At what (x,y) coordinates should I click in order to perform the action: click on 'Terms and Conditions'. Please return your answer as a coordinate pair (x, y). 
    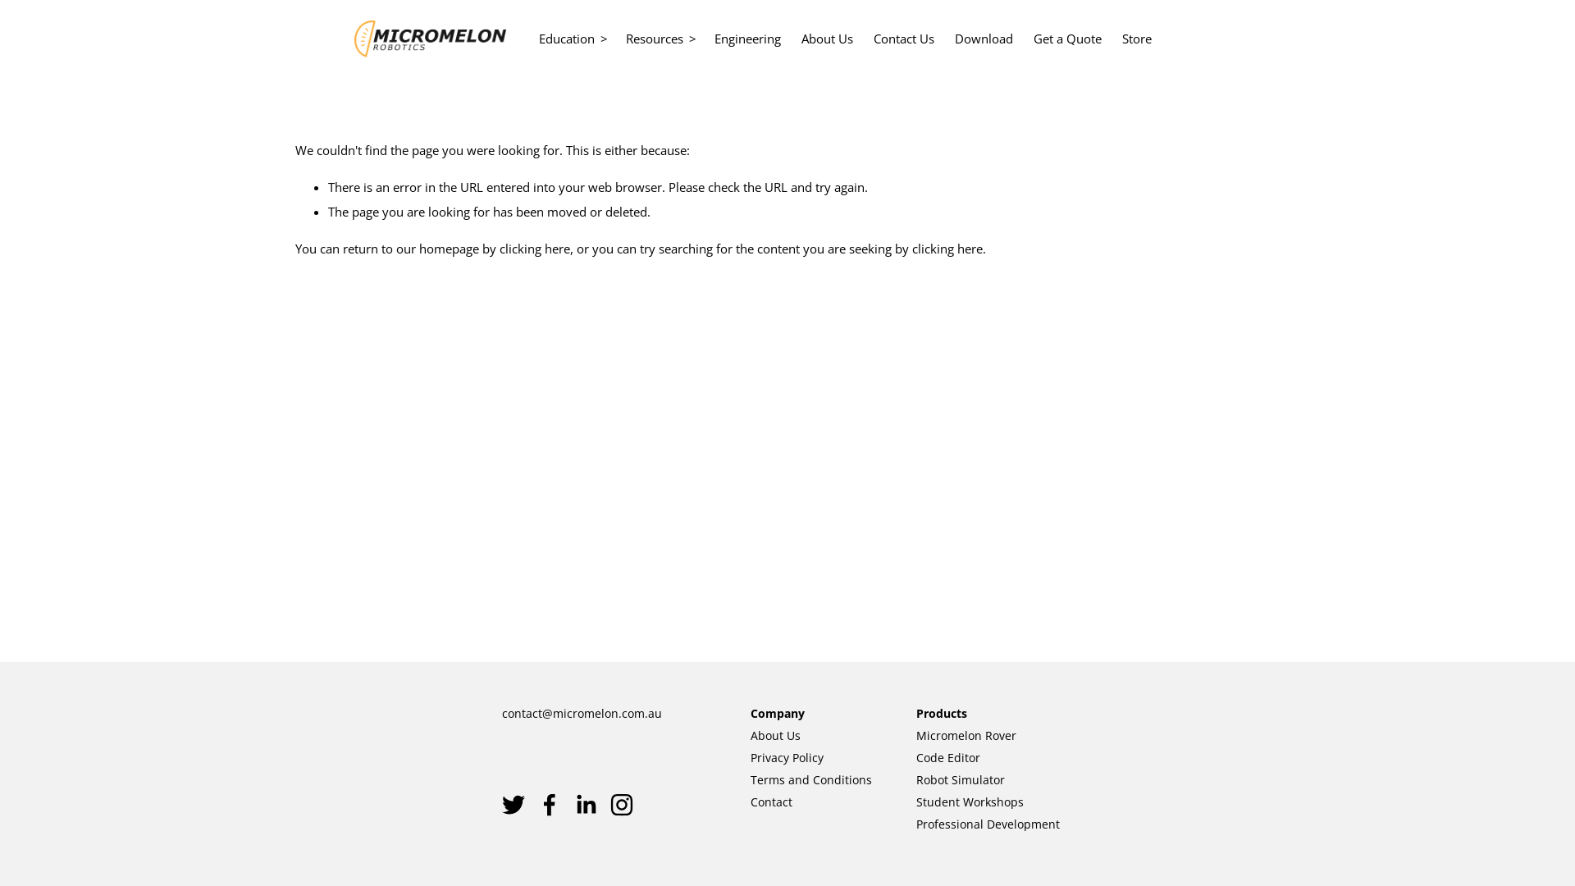
    Looking at the image, I should click on (810, 779).